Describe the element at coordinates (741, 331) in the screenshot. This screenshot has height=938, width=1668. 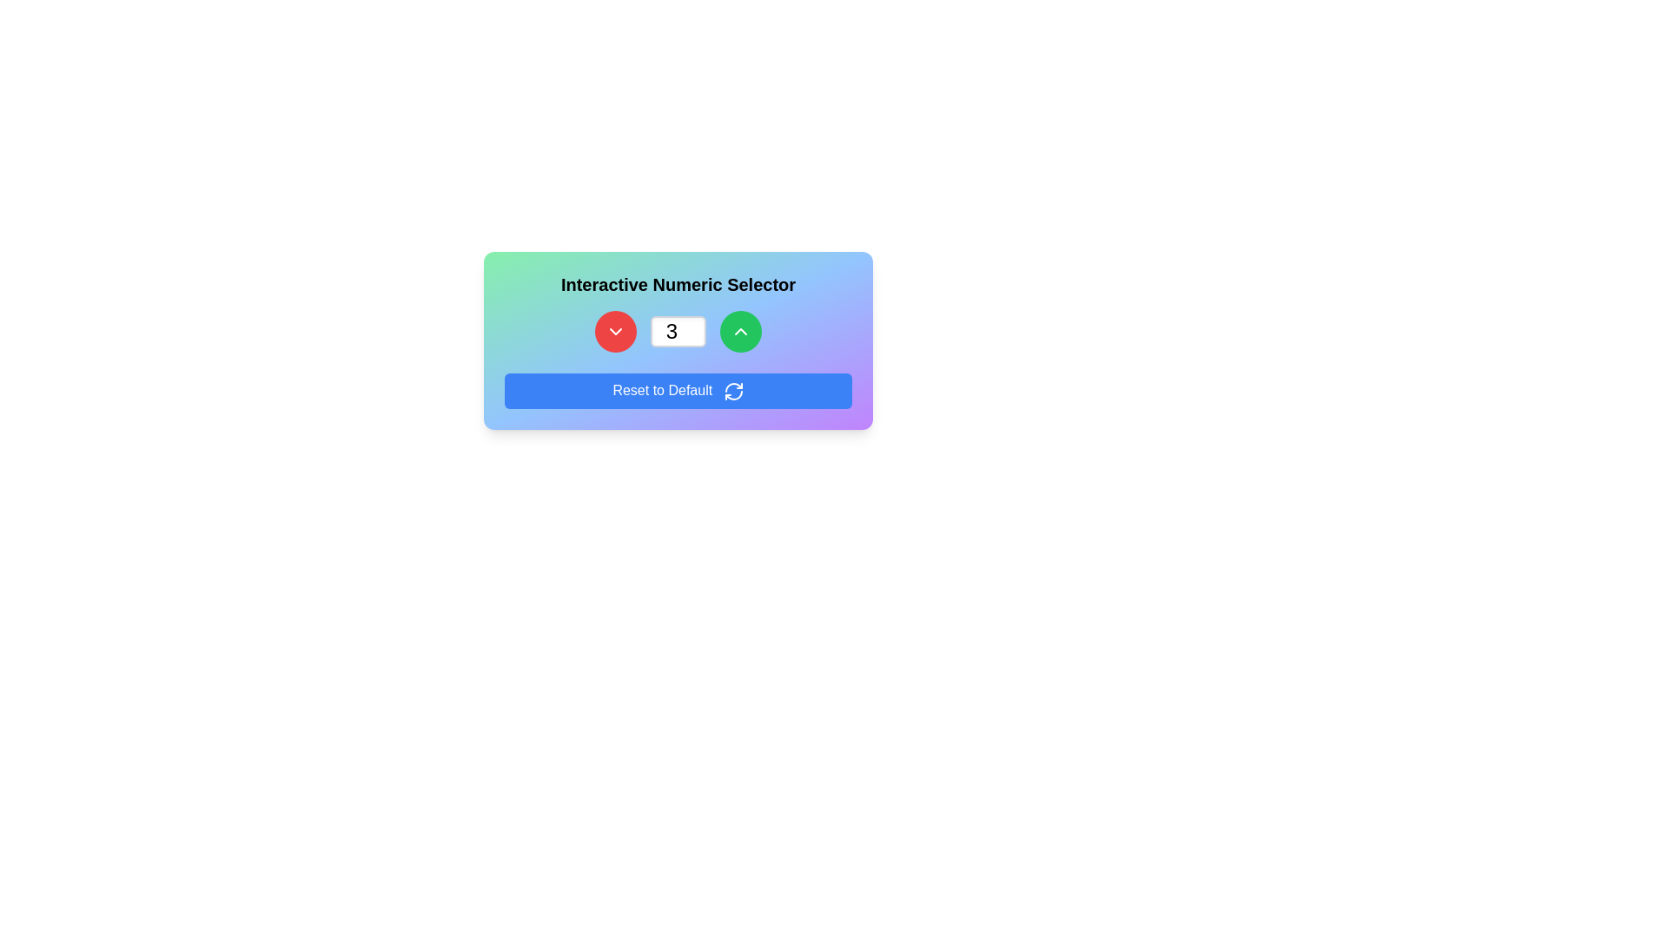
I see `the increment button located to the right of the numeric input field to increase the displayed value` at that location.